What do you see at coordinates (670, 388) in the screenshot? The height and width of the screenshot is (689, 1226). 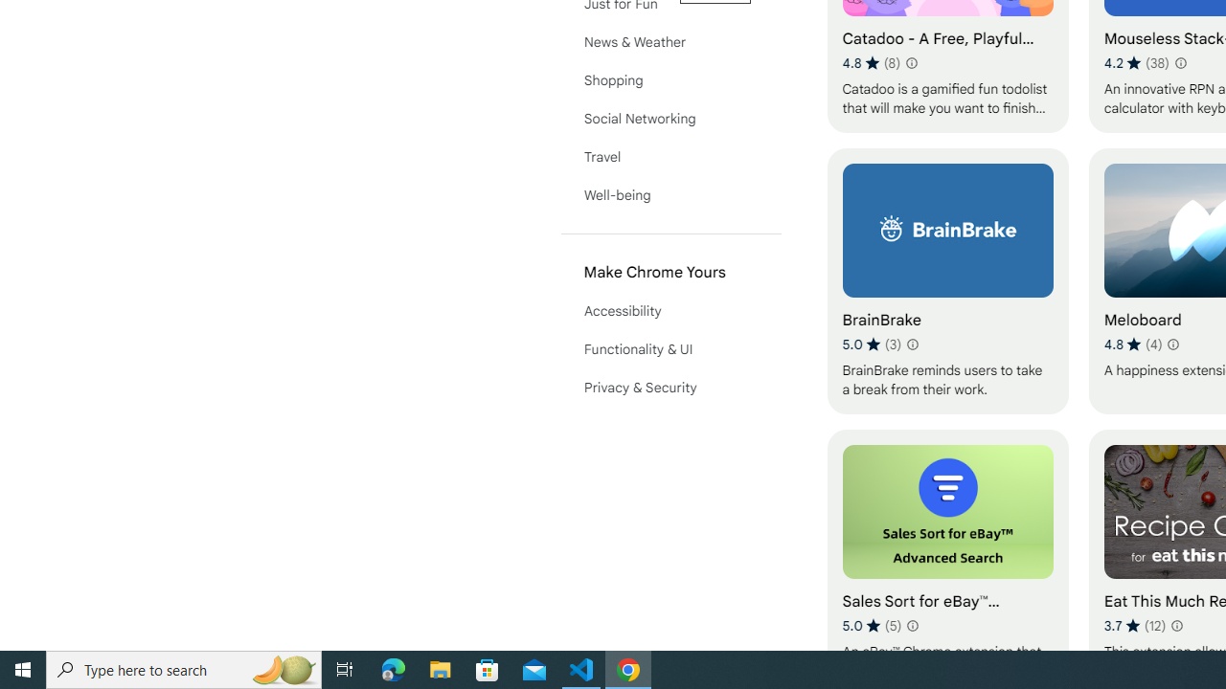 I see `'Privacy & Security'` at bounding box center [670, 388].